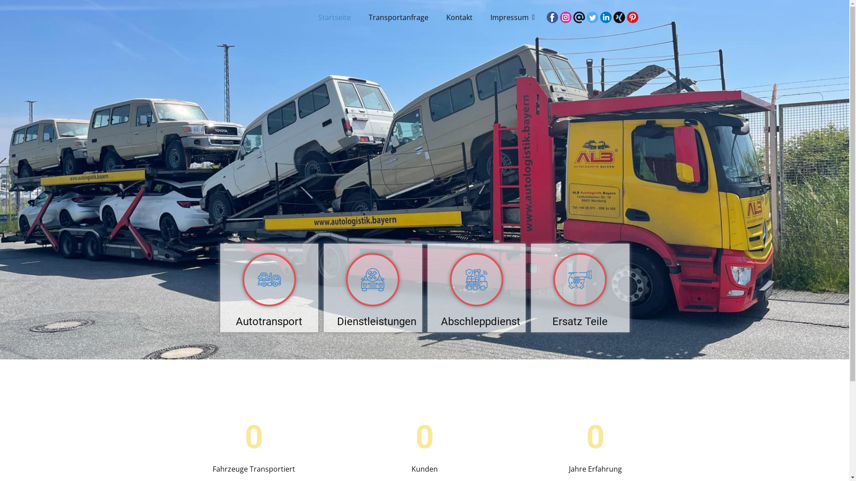 The width and height of the screenshot is (856, 481). I want to click on 'Kontakt', so click(459, 17).